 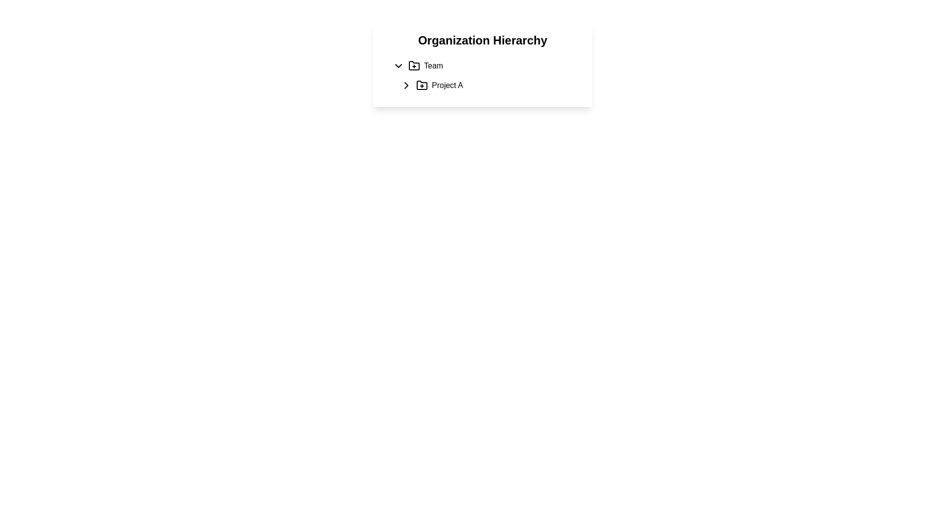 What do you see at coordinates (406, 85) in the screenshot?
I see `the expand/collapse button located on the far-left side of the 'Project A' row within the 'Organization Hierarchy'` at bounding box center [406, 85].